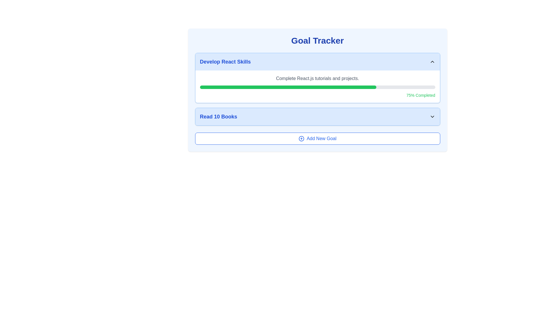 The image size is (555, 312). I want to click on the filled portion of the progress bar that indicates 75% completion, located below the 'Complete React.js tutorials and projects.' text in the 'Develop React Skills' section of the 'Goal Tracker.', so click(288, 87).